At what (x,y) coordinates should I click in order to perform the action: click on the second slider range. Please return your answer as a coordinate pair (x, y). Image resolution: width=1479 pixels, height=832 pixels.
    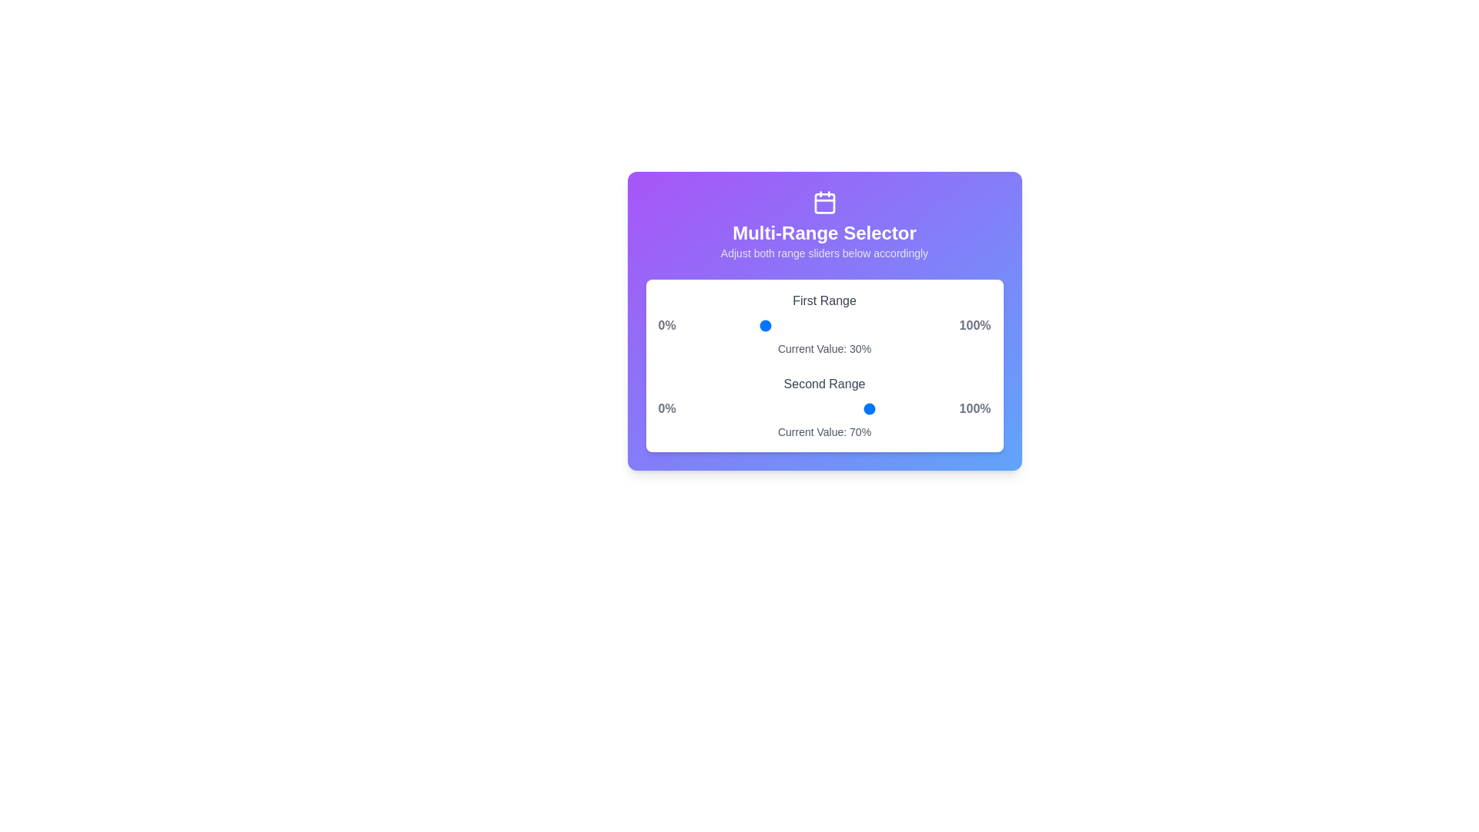
    Looking at the image, I should click on (822, 408).